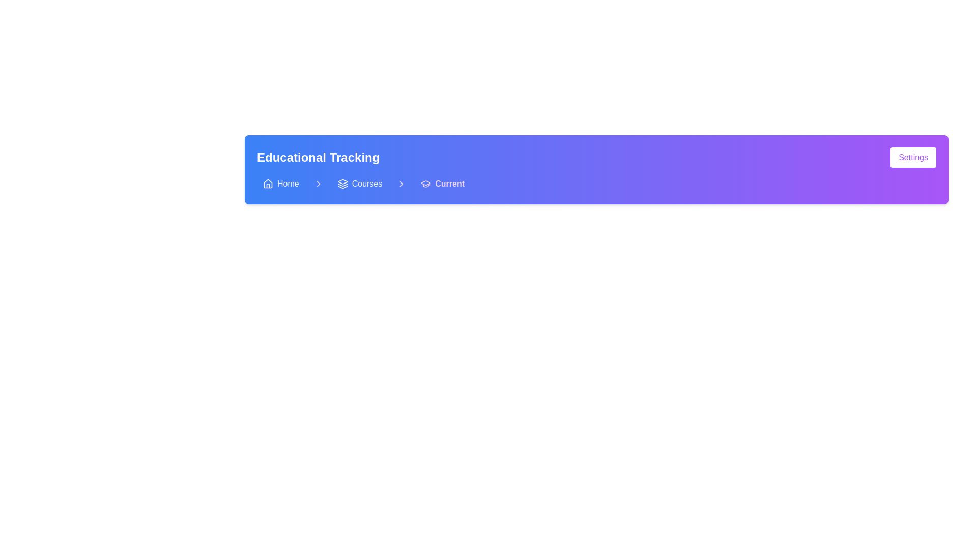 The image size is (977, 549). Describe the element at coordinates (401, 184) in the screenshot. I see `the Navigation Indicator - Icon, which is the third rightward arrow in the breadcrumb navigation bar between 'Courses' and 'Current'` at that location.